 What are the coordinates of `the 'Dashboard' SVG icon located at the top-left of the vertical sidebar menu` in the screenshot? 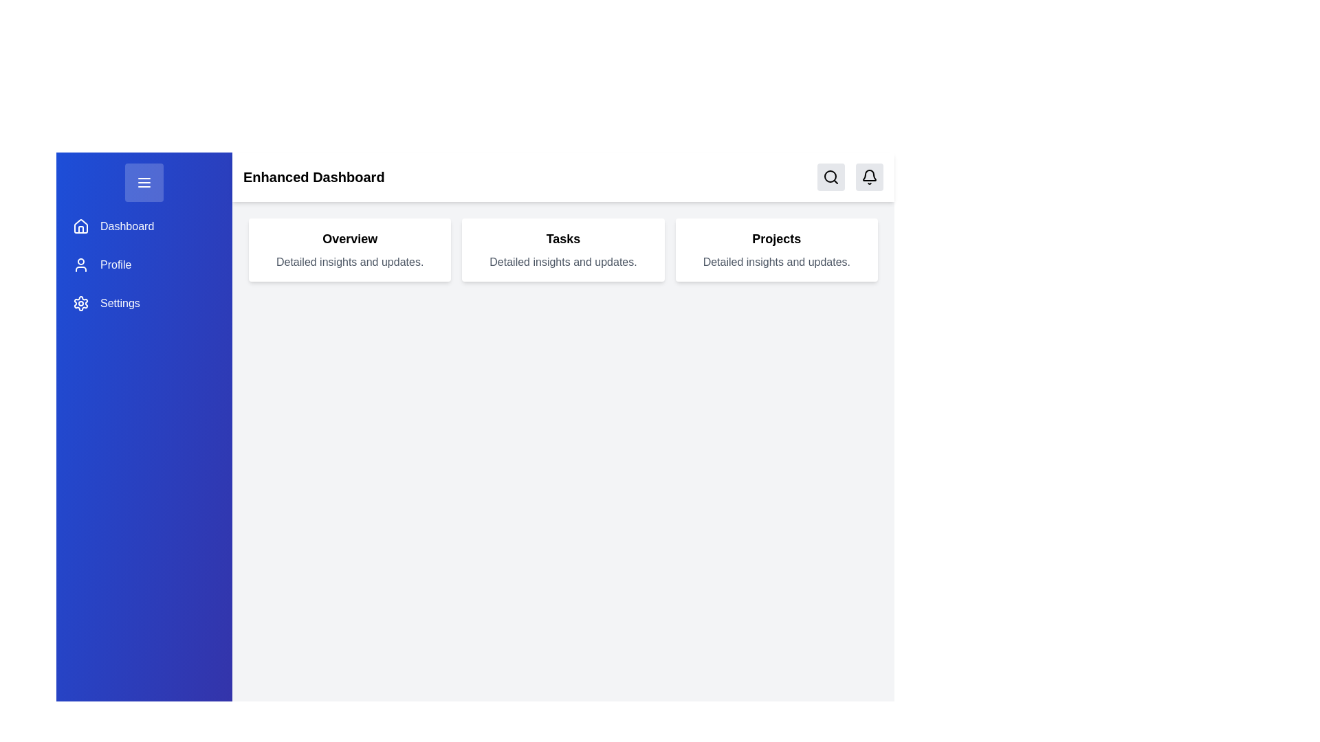 It's located at (80, 225).